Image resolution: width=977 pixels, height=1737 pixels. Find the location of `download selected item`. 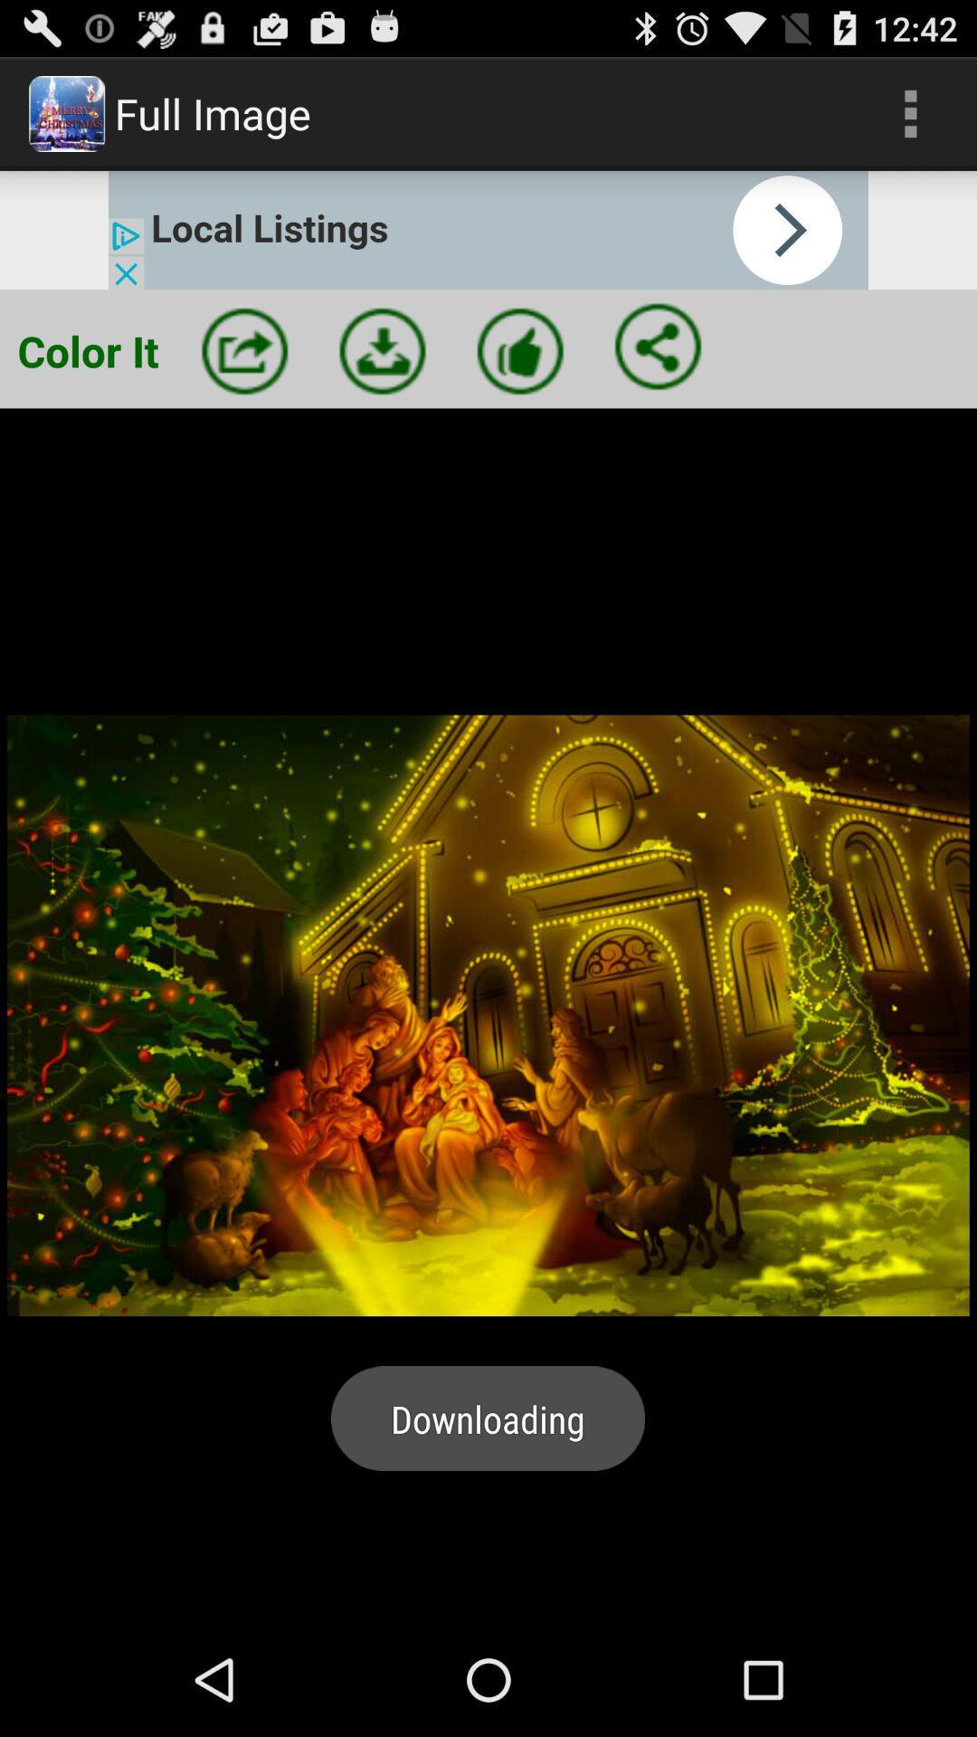

download selected item is located at coordinates (382, 351).